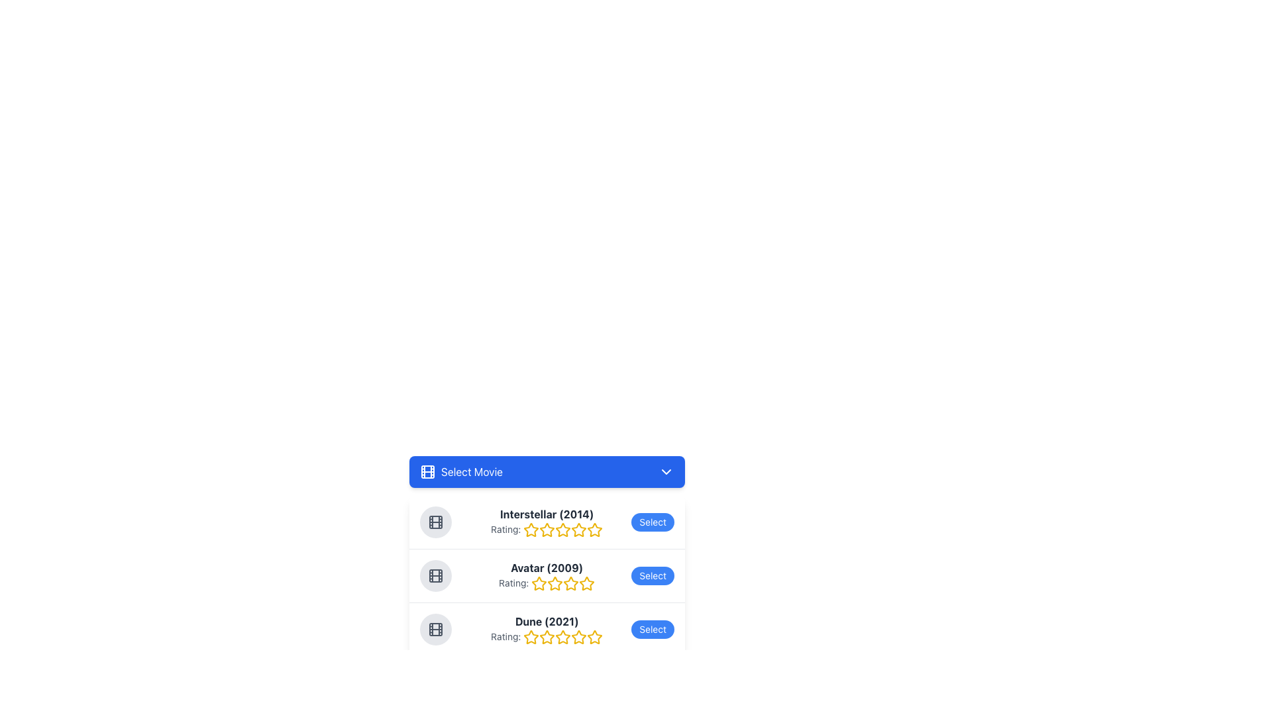 Image resolution: width=1272 pixels, height=715 pixels. Describe the element at coordinates (547, 556) in the screenshot. I see `the movie entry in the dropdown menu titled 'Select Movie', which is the second item representing a movie with a star rating system` at that location.